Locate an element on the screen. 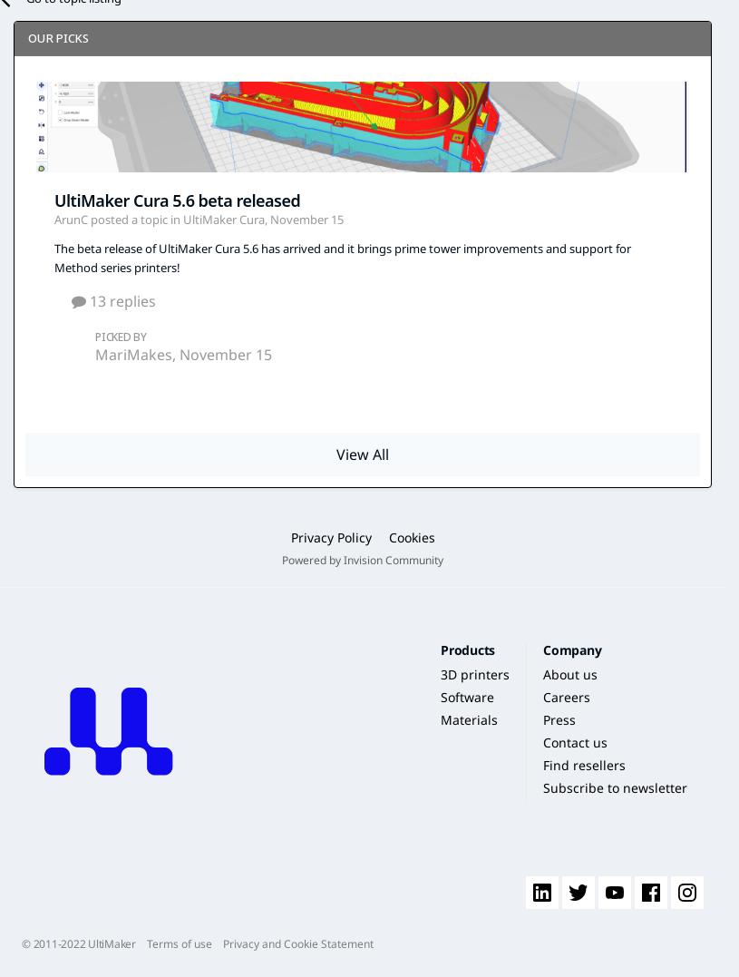  'Picked By' is located at coordinates (120, 335).